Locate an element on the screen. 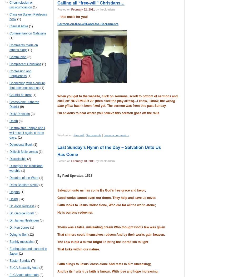 The image size is (238, 277). 'Dr. Alvin Rogness' is located at coordinates (22, 206).